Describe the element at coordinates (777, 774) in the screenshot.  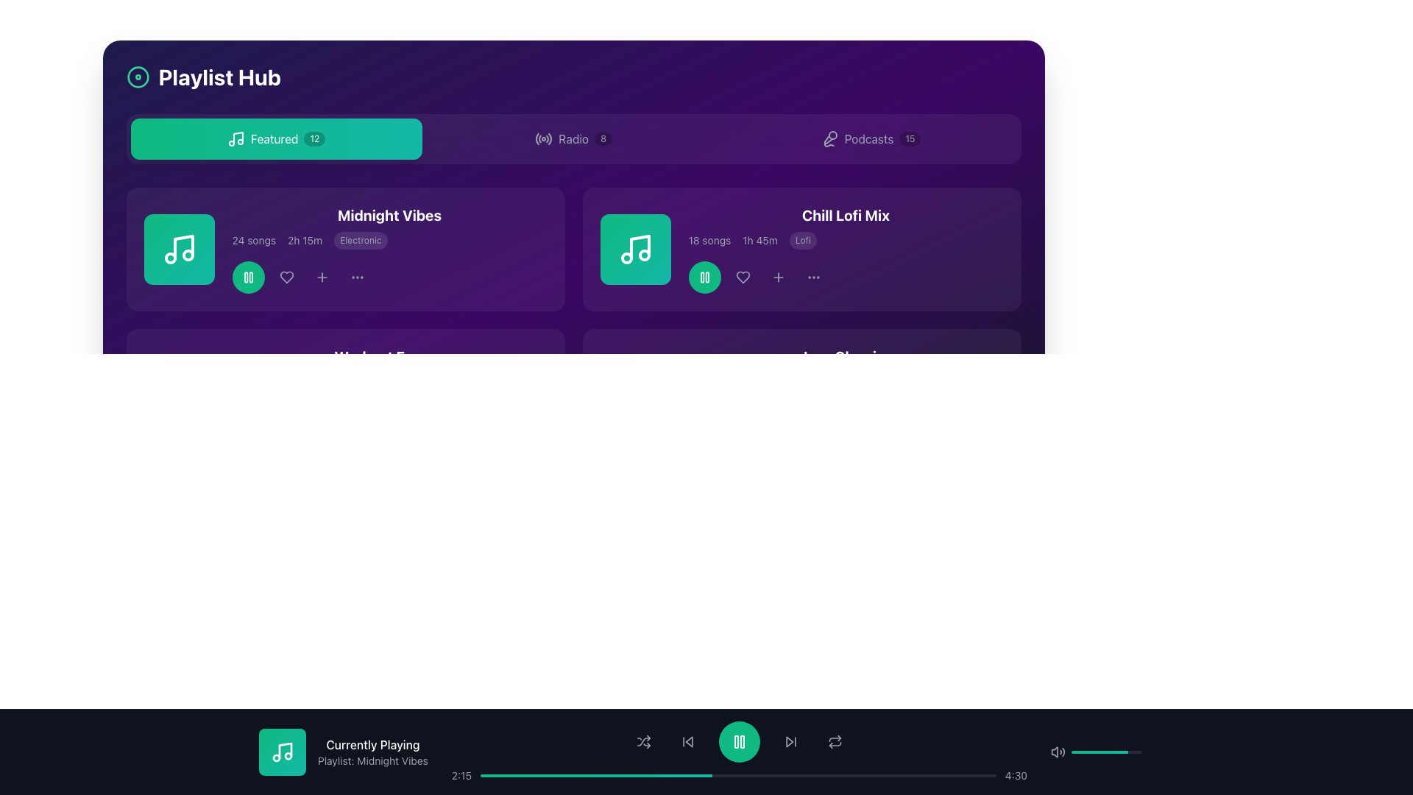
I see `playback time` at that location.